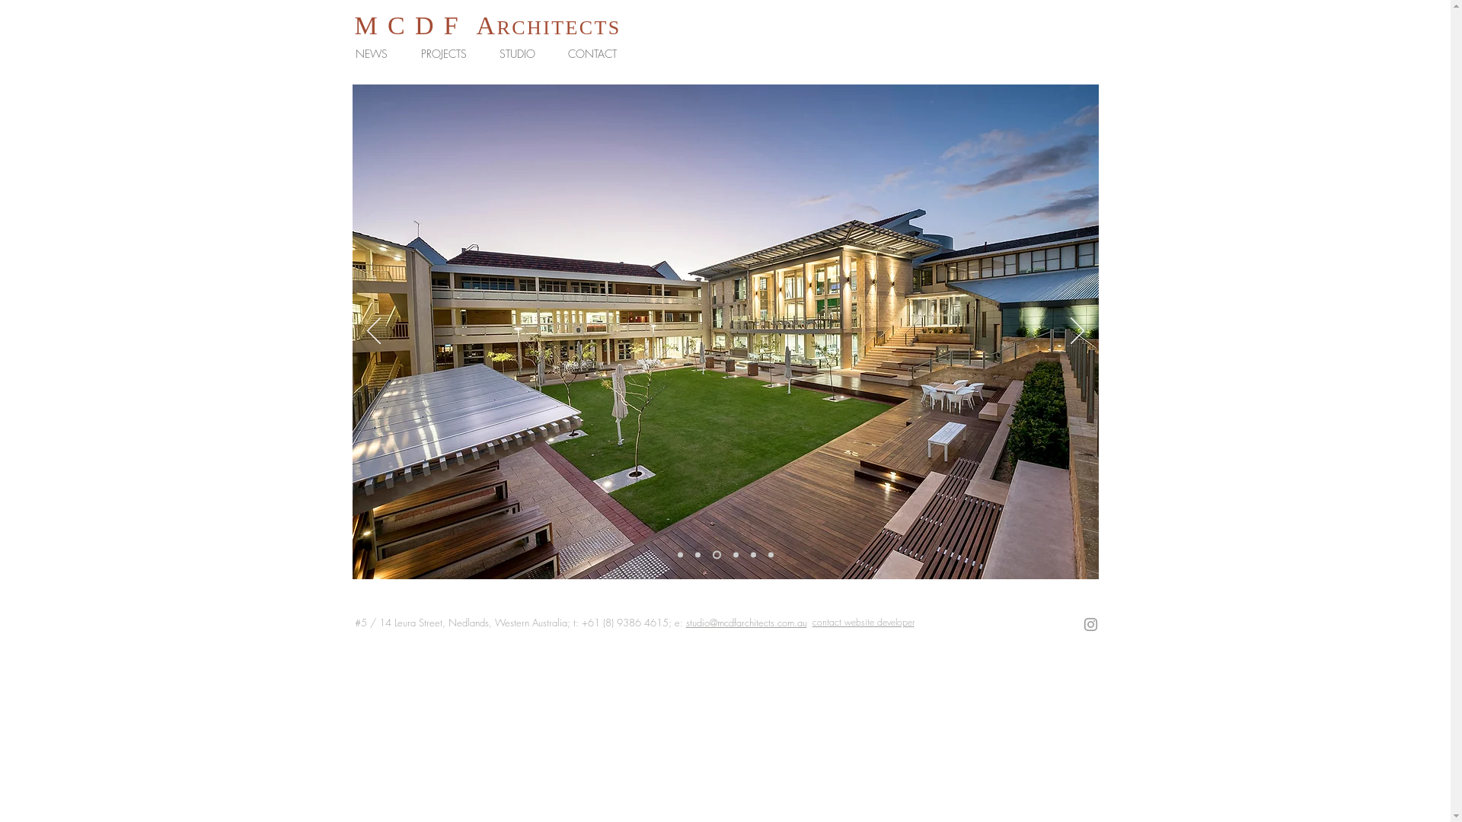 Image resolution: width=1462 pixels, height=822 pixels. I want to click on 'M C D F', so click(407, 25).